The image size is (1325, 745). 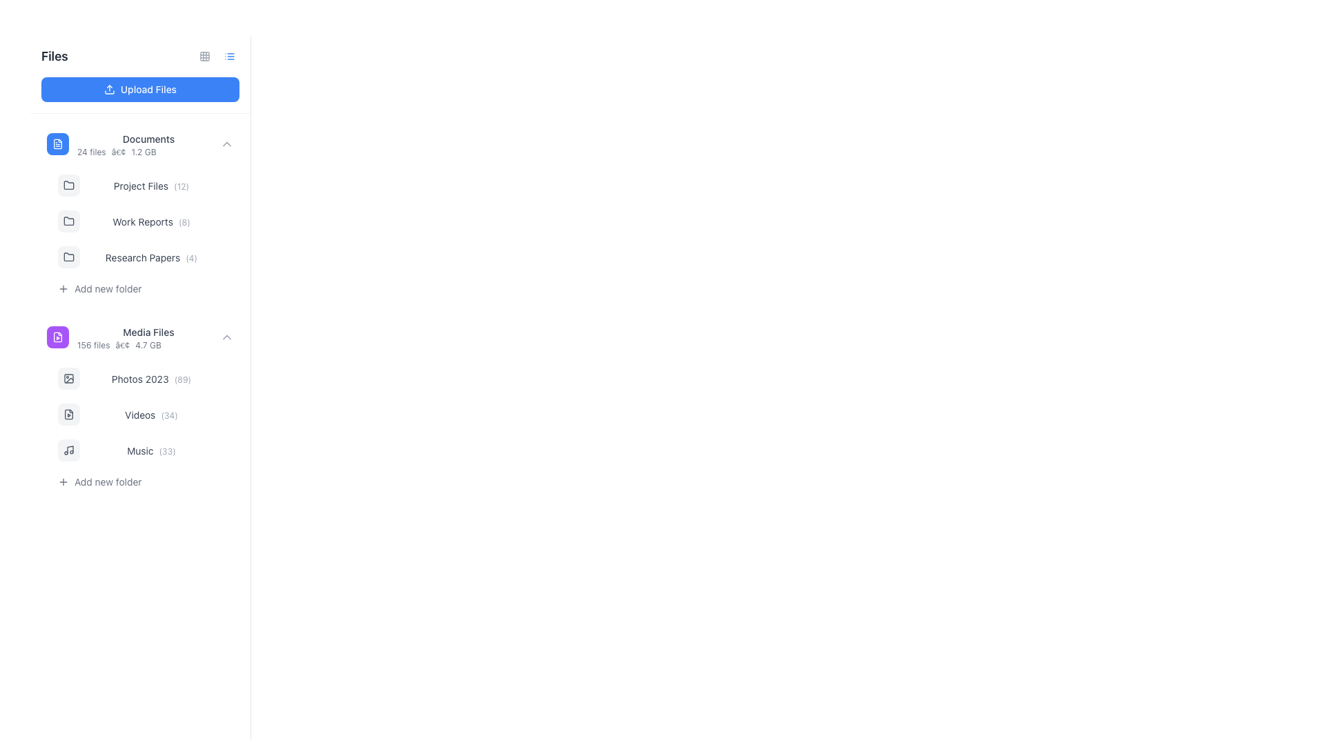 I want to click on the text label that reads 'Research Papers (4)', which is the third item in the vertical list under the 'Documents' section, positioned between 'Work Reports (8)' and 'Add new folder', so click(x=151, y=257).